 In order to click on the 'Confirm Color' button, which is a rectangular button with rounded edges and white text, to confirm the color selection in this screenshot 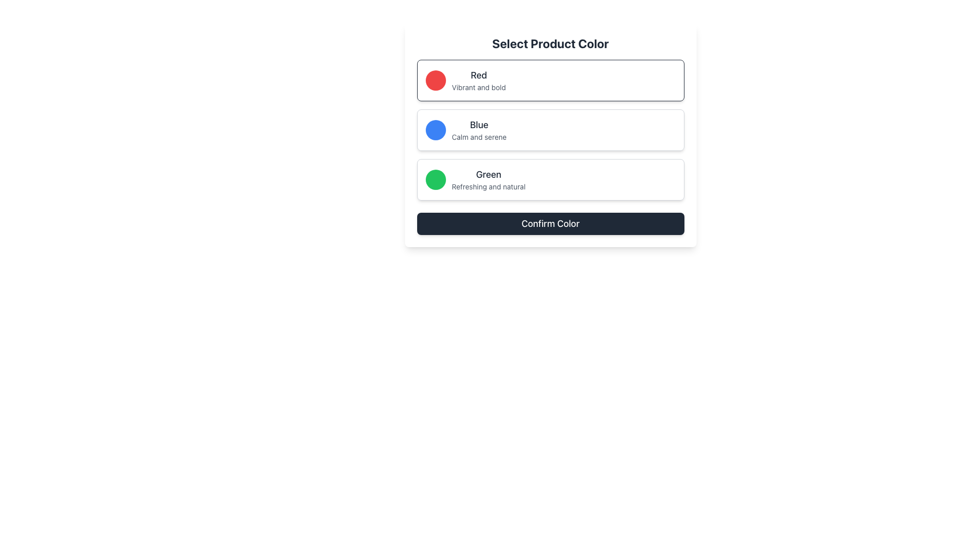, I will do `click(550, 223)`.